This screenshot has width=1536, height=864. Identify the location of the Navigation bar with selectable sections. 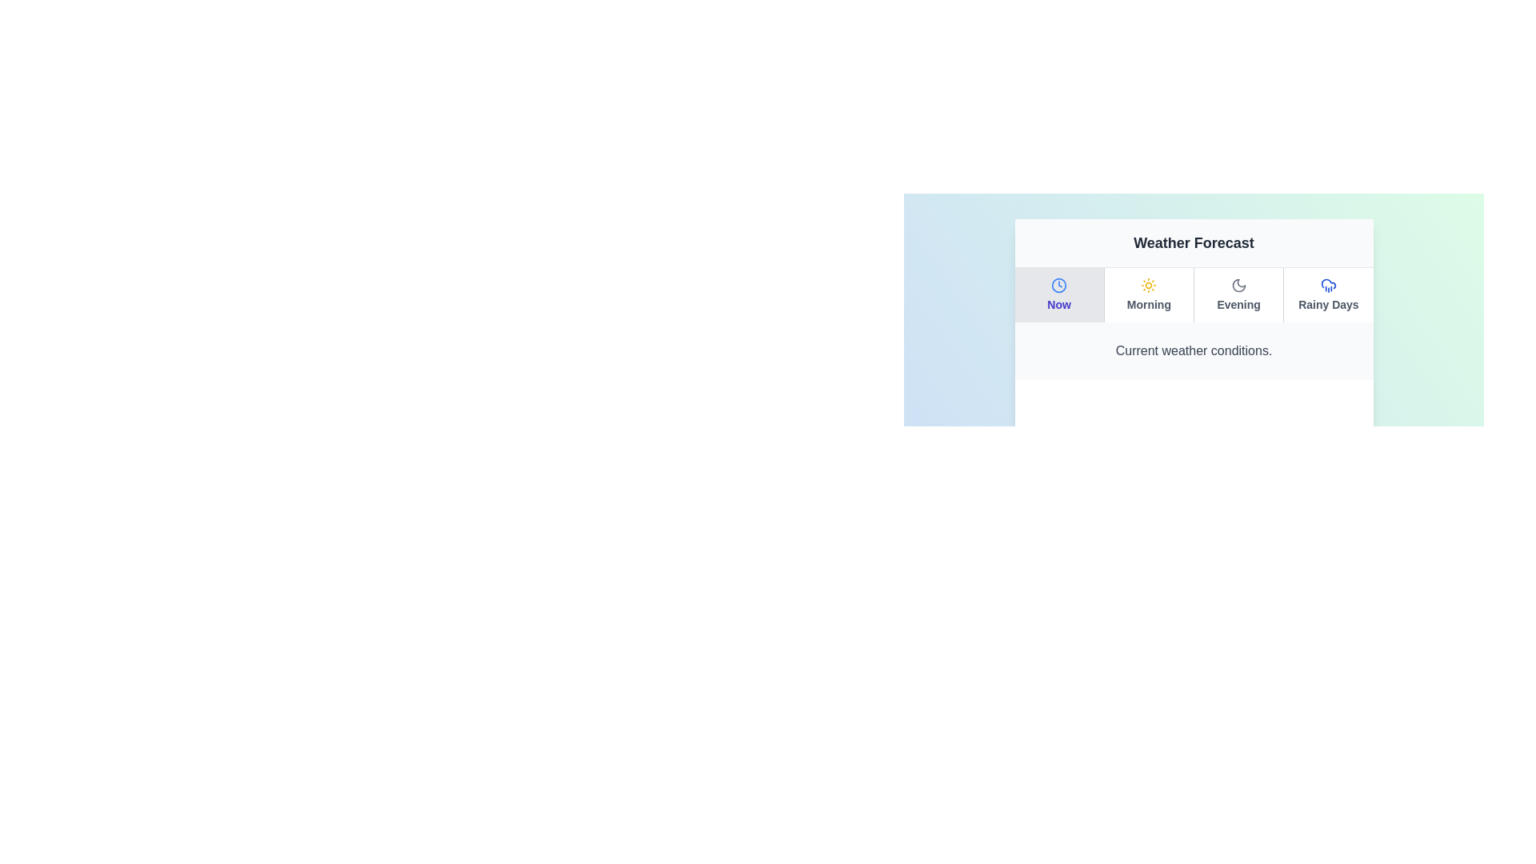
(1194, 295).